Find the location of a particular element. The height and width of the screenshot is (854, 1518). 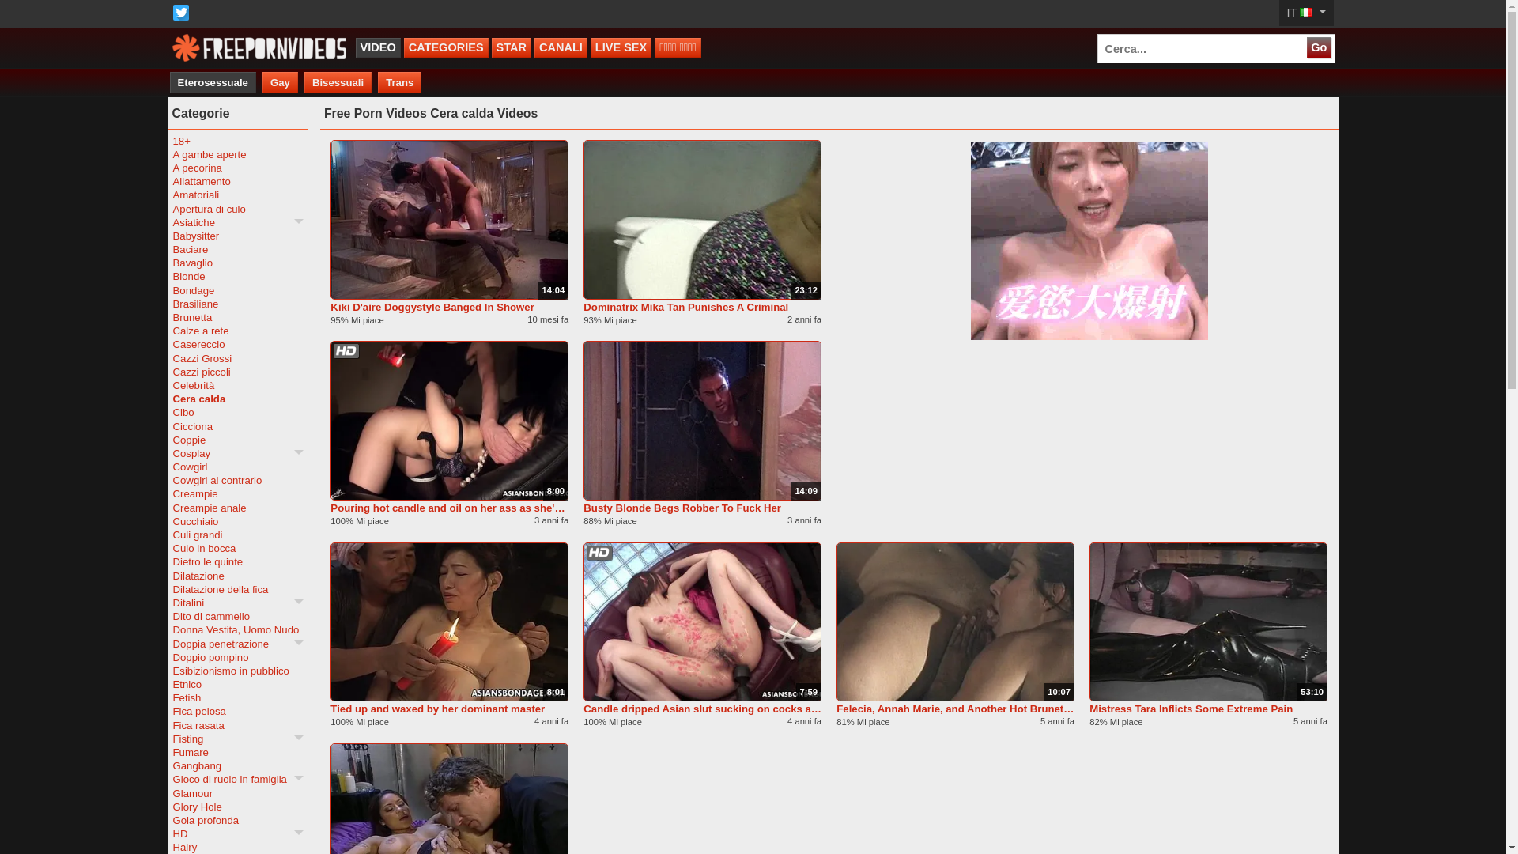

'Culi grandi' is located at coordinates (172, 534).